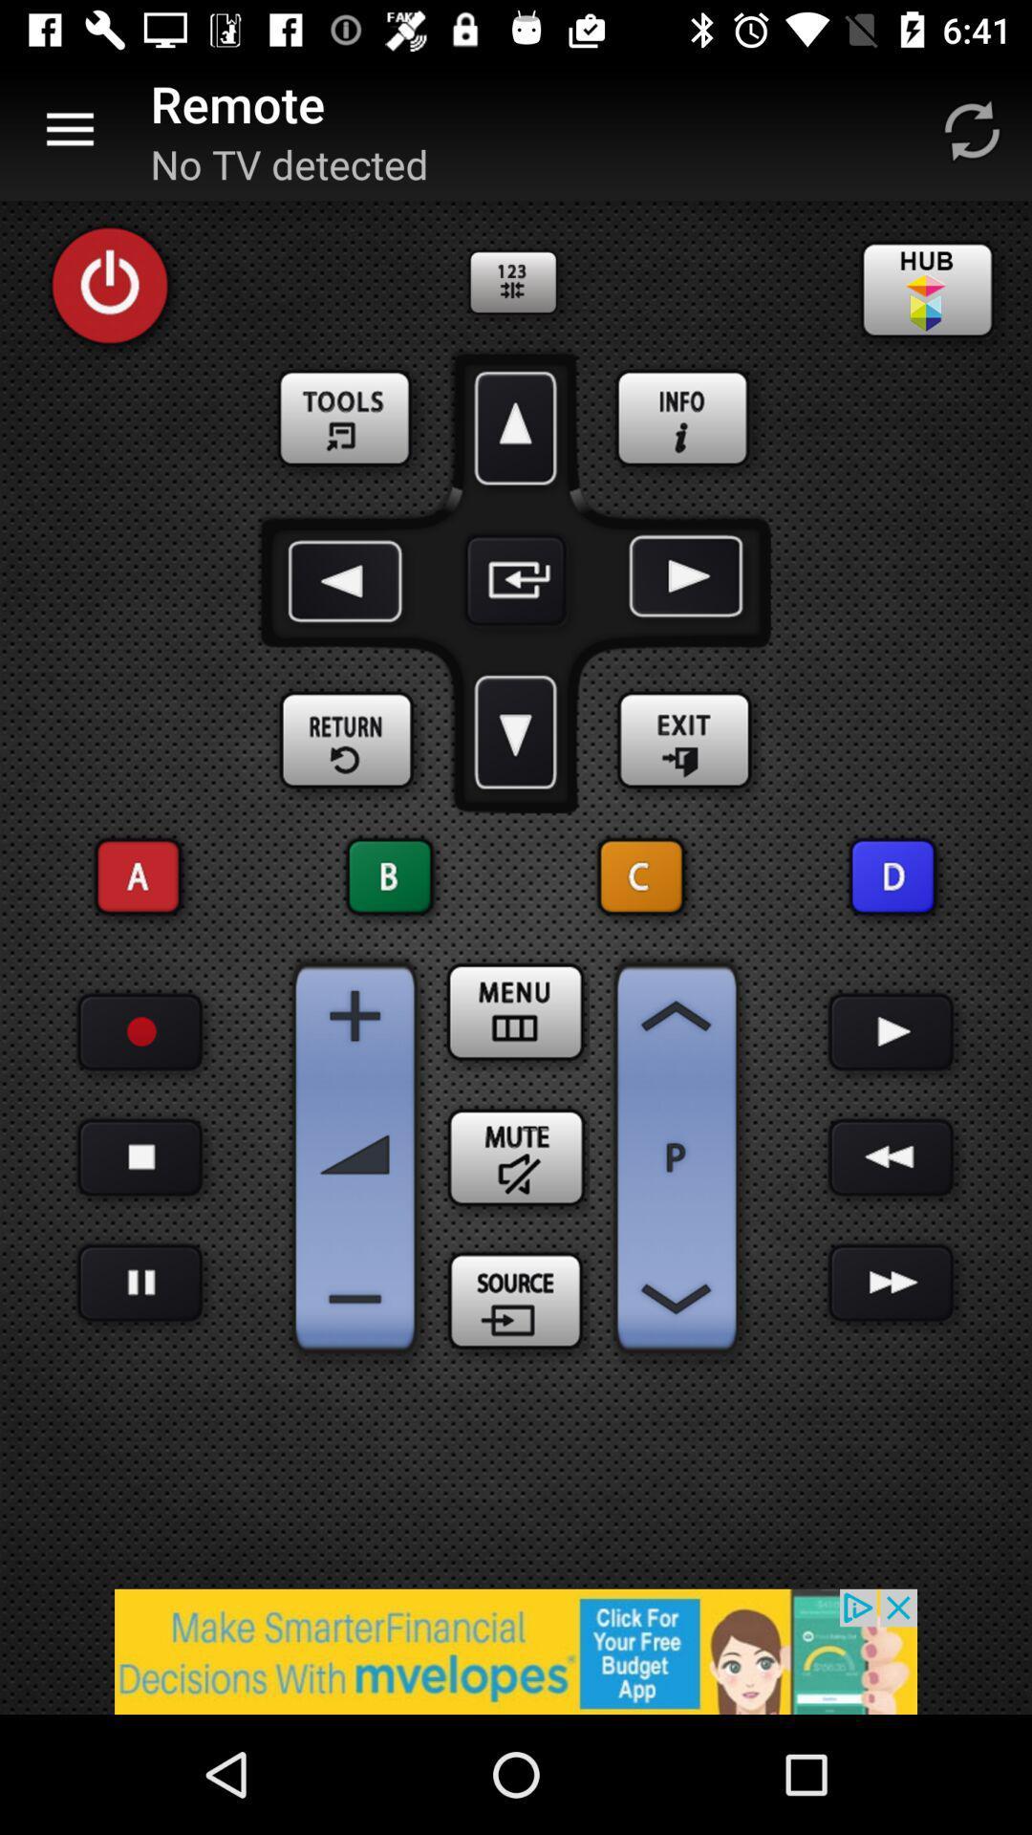 Image resolution: width=1032 pixels, height=1835 pixels. I want to click on exit, so click(683, 740).